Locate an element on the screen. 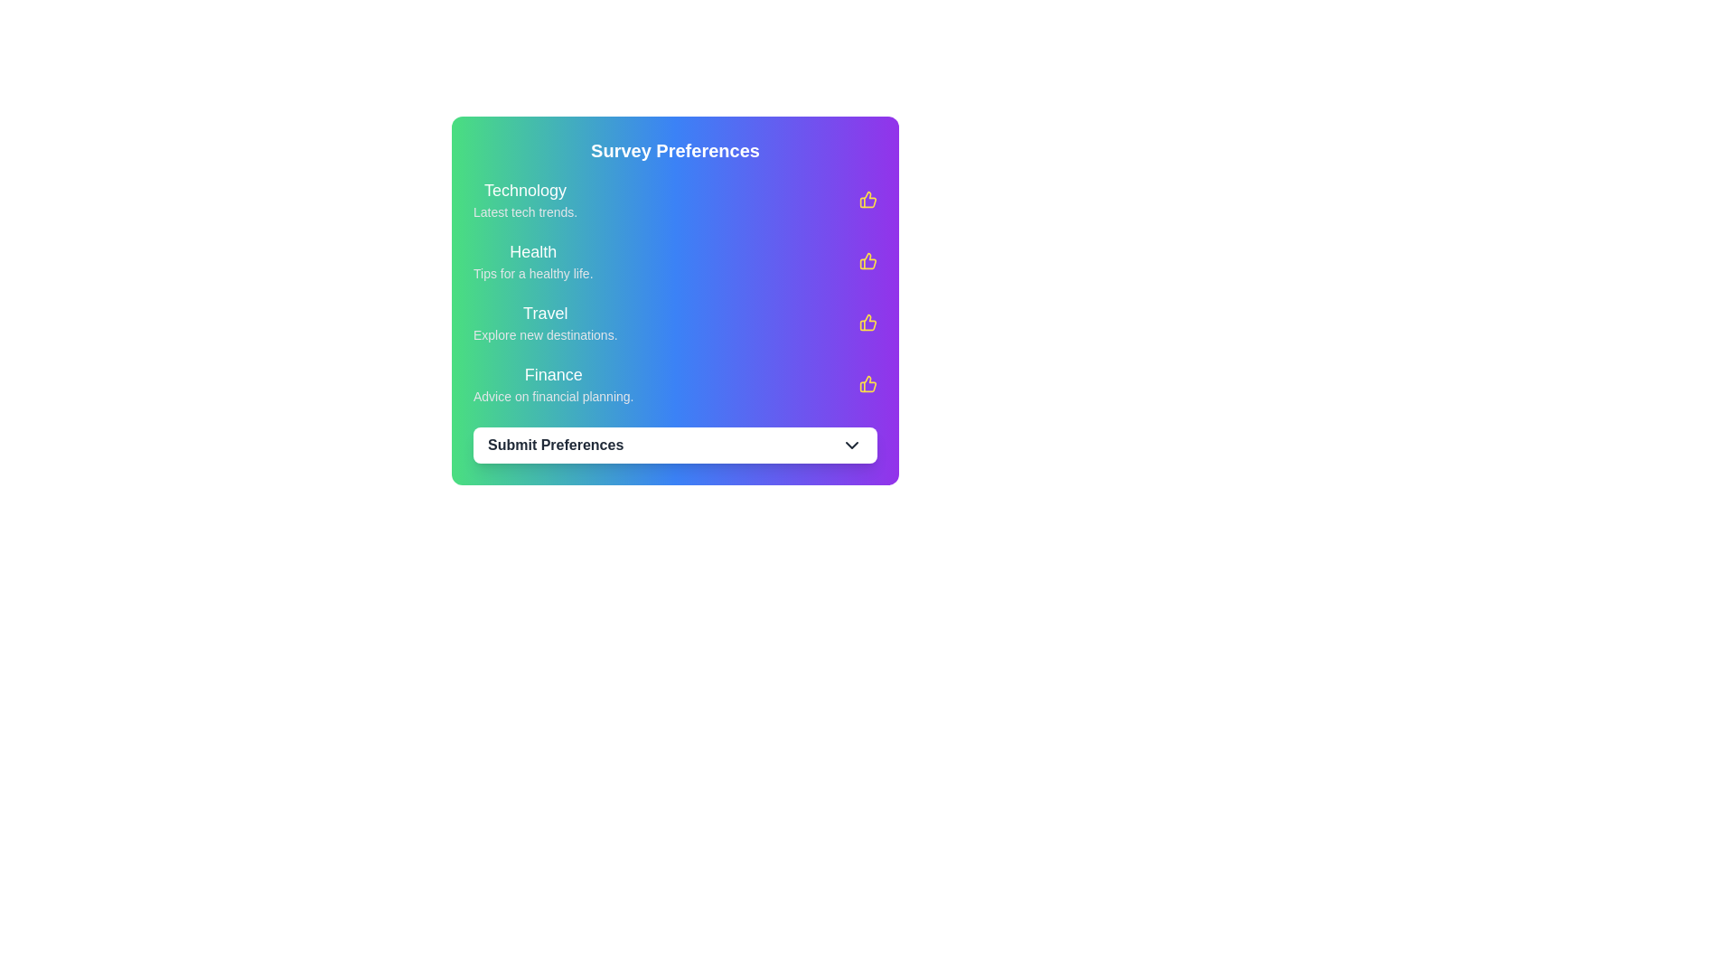  the text block displaying 'Health' and 'Tips for a healthy life.' for more details, located within the 'Survey Preferences' card is located at coordinates (532, 261).